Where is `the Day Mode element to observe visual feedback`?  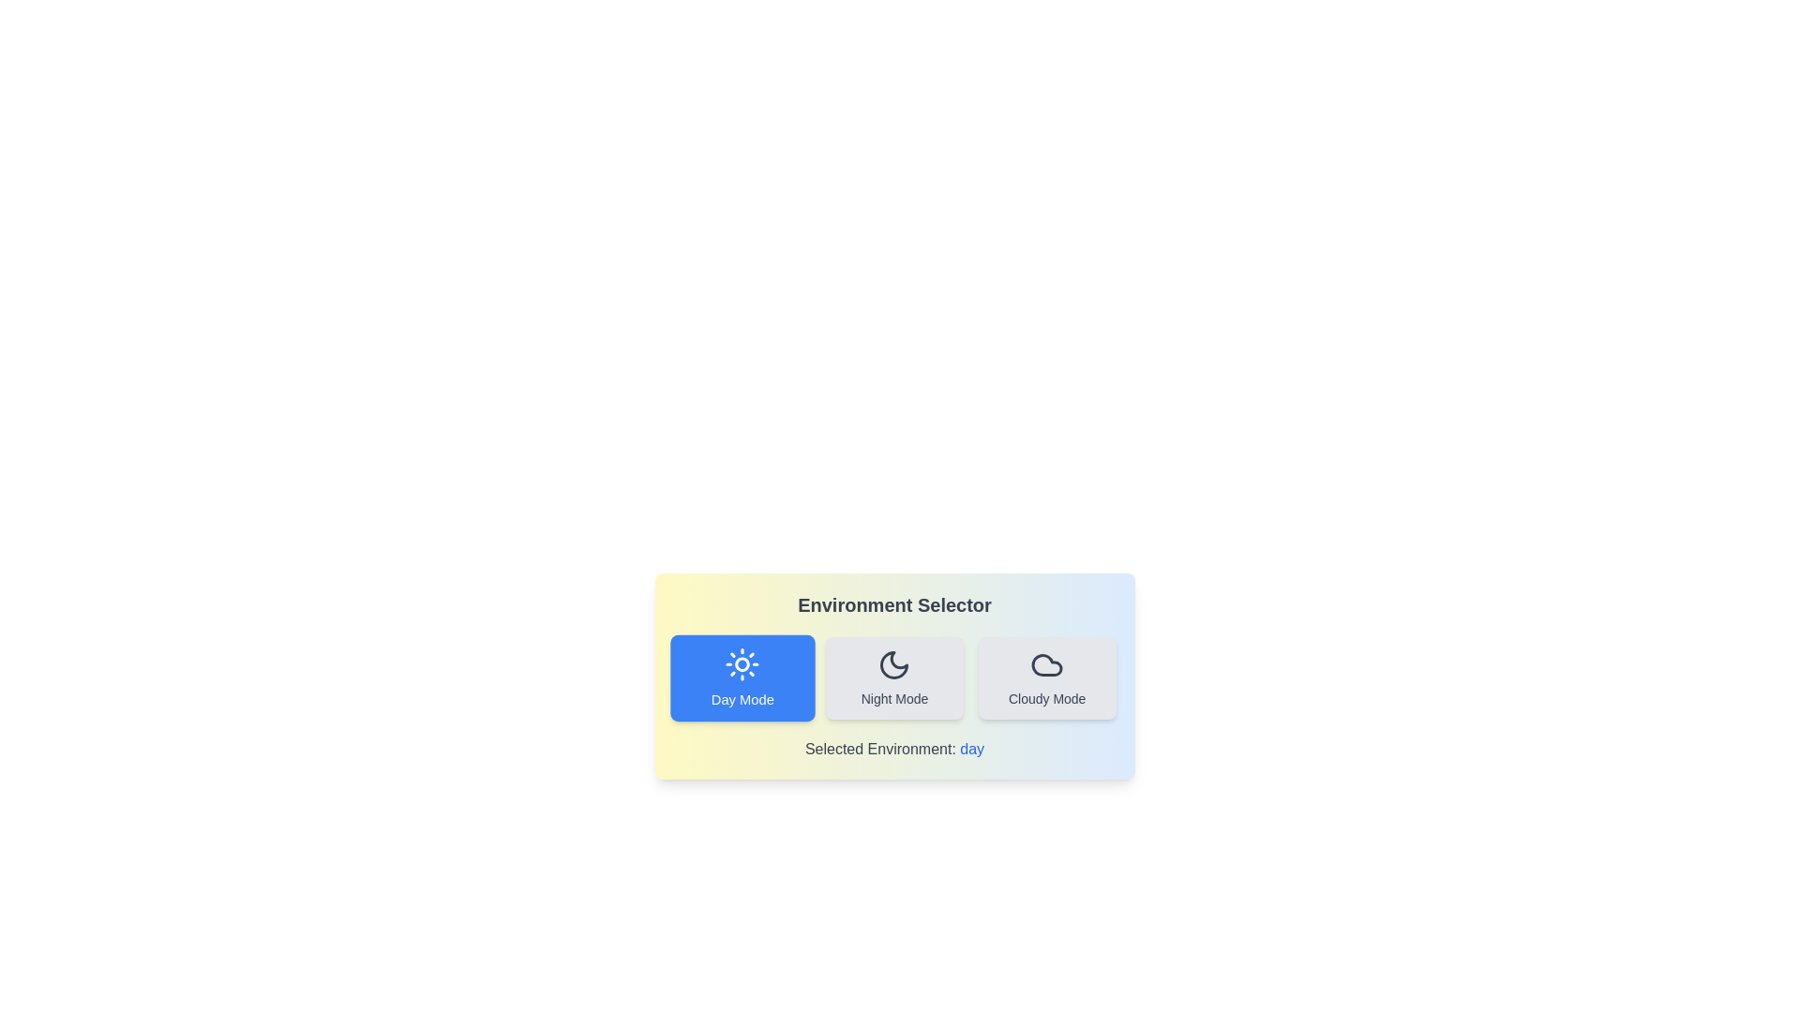
the Day Mode element to observe visual feedback is located at coordinates (741, 678).